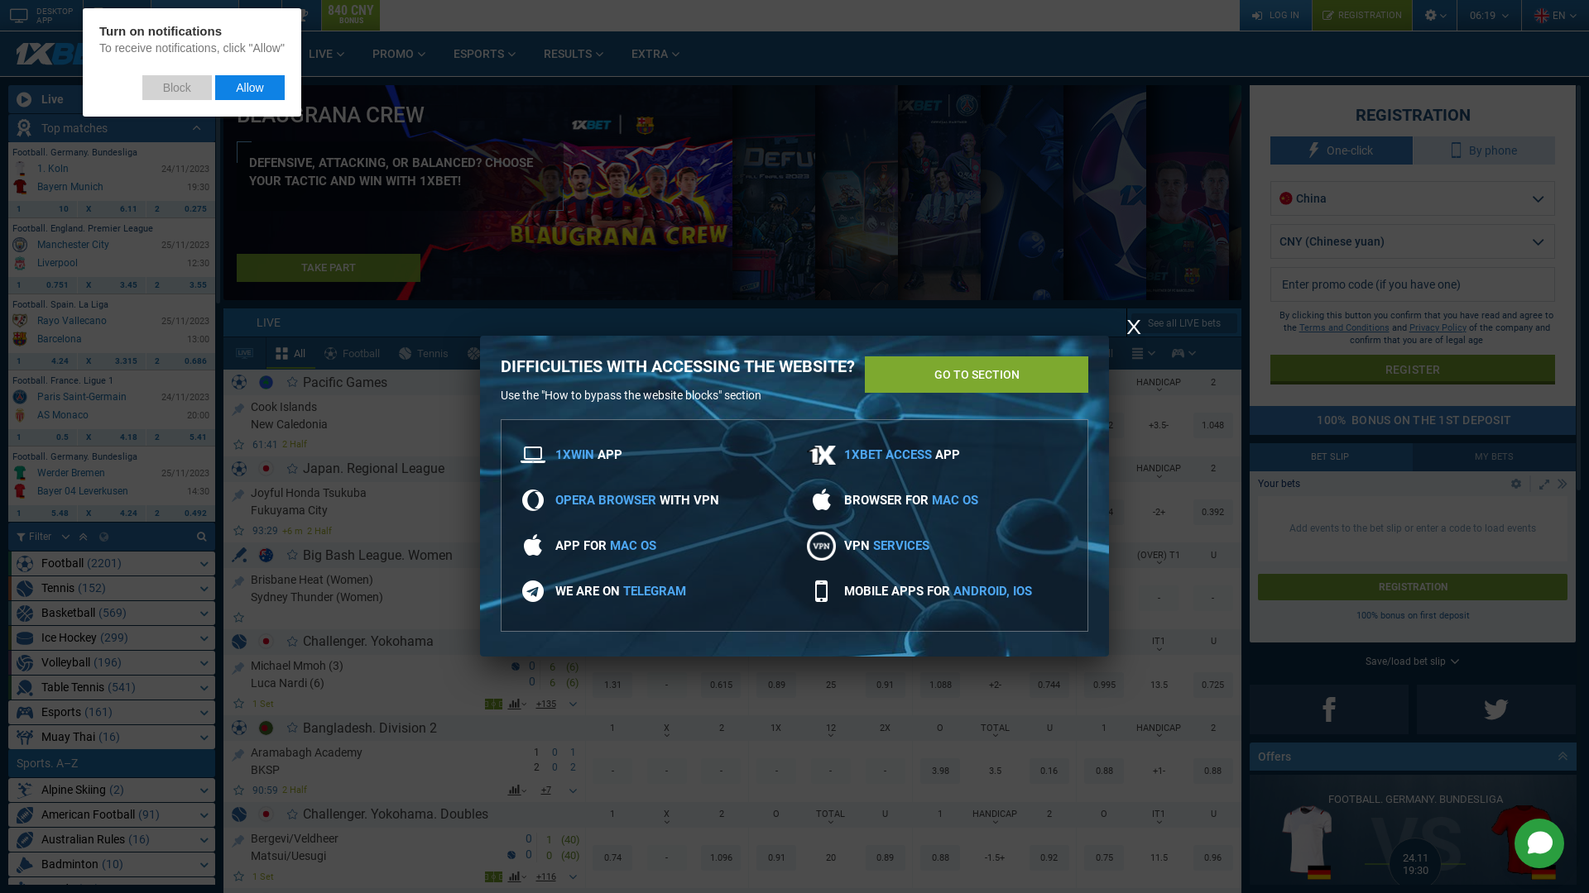 The height and width of the screenshot is (893, 1589). What do you see at coordinates (146, 284) in the screenshot?
I see `'2` at bounding box center [146, 284].